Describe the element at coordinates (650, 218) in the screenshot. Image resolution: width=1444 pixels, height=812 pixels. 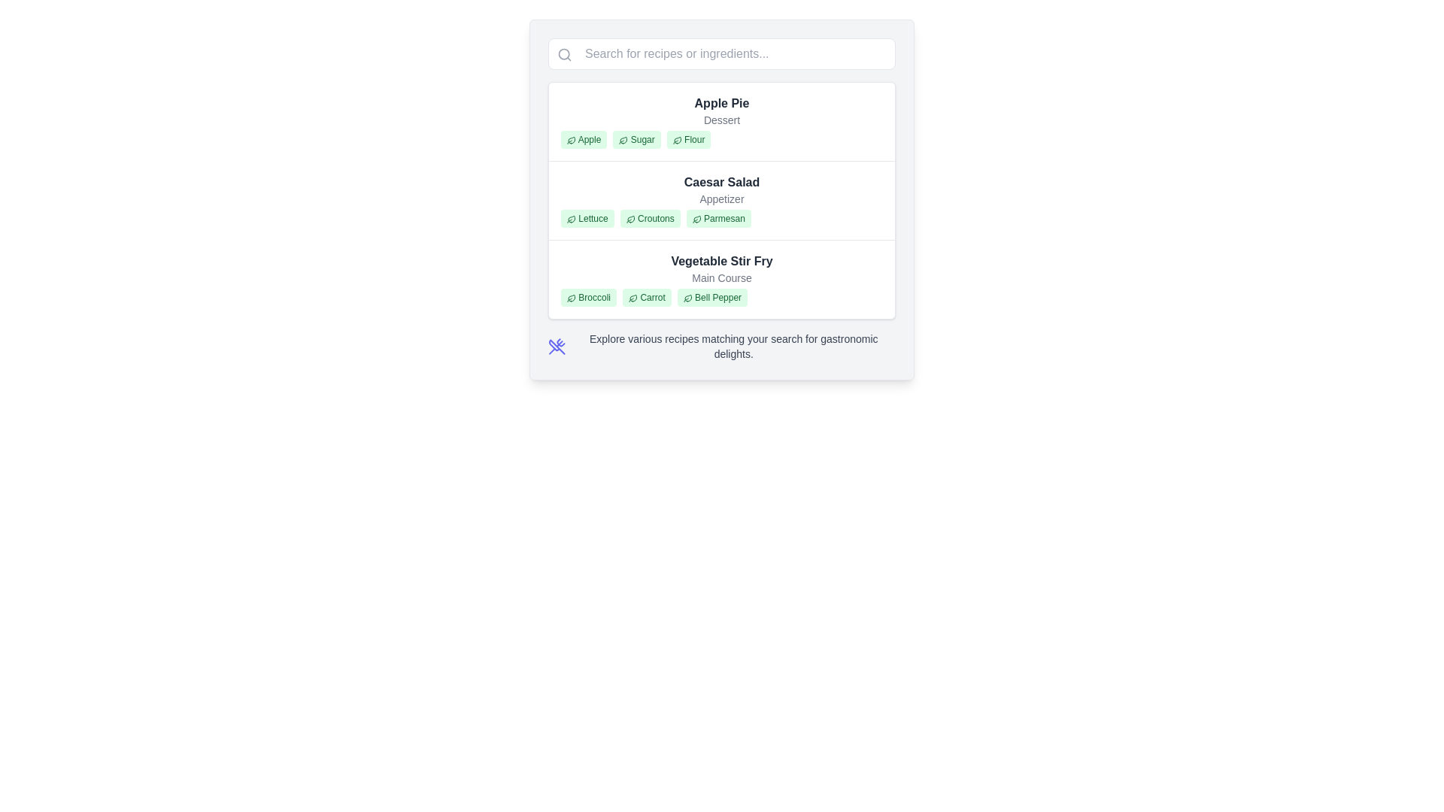
I see `the second tag labeled 'Croutons' with a green leaf icon under 'Caesar Salad'` at that location.